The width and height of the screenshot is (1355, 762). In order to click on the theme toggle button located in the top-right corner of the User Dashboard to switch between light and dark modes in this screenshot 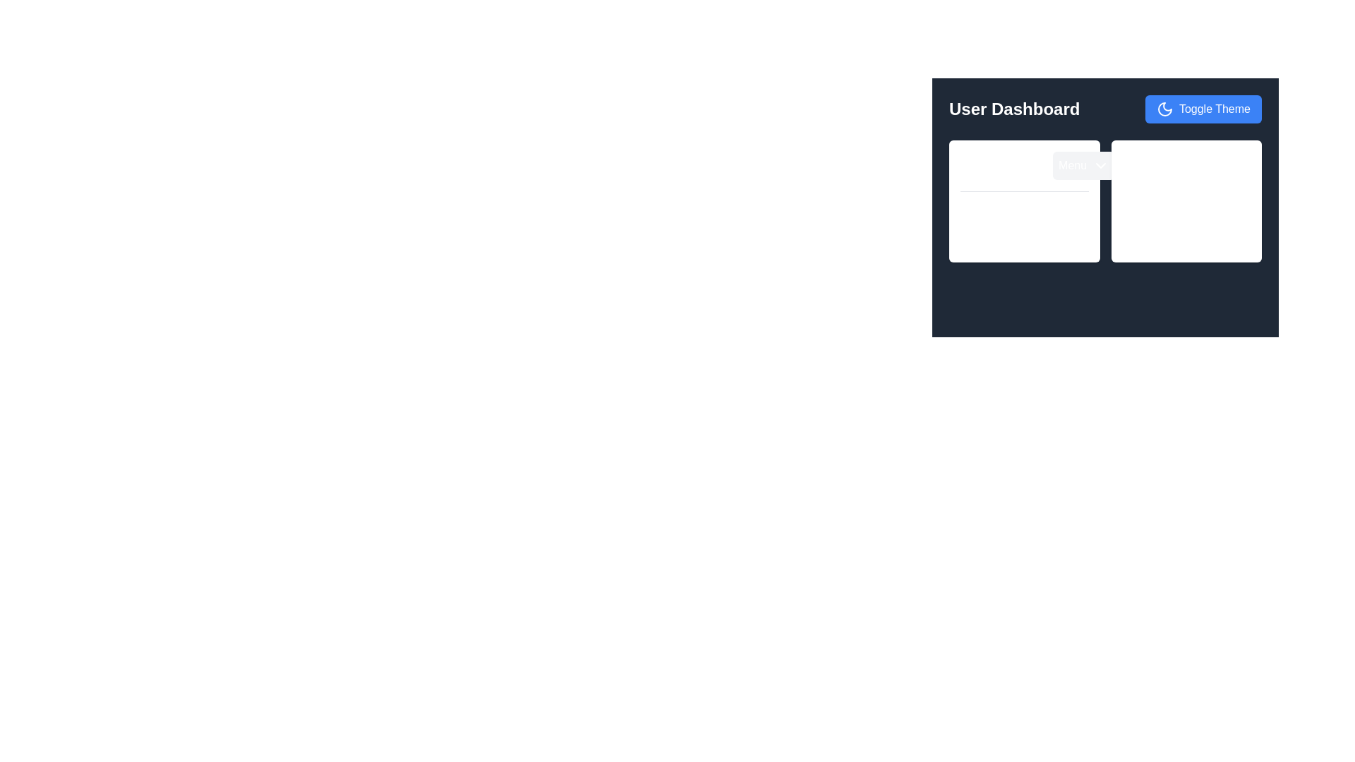, I will do `click(1203, 108)`.